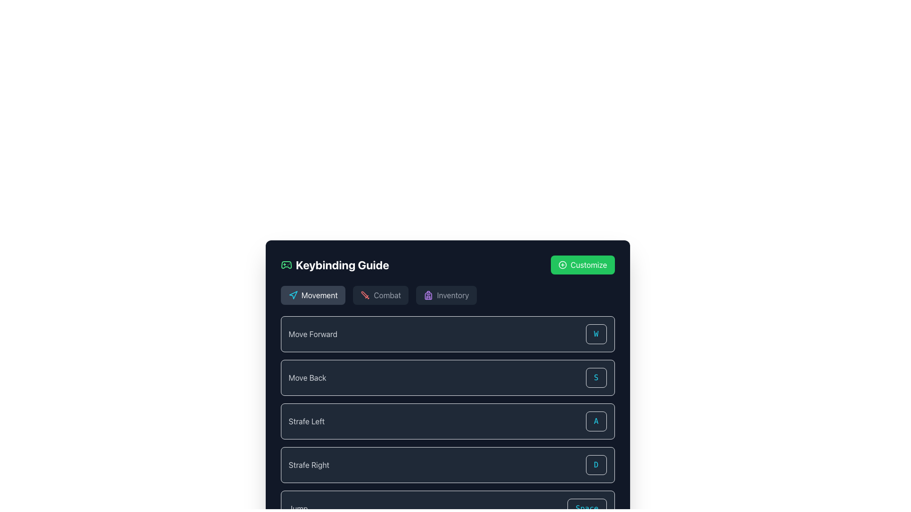 The image size is (911, 512). What do you see at coordinates (447, 377) in the screenshot?
I see `the 'Move Back' keybinding row item in the Keybinding Guide` at bounding box center [447, 377].